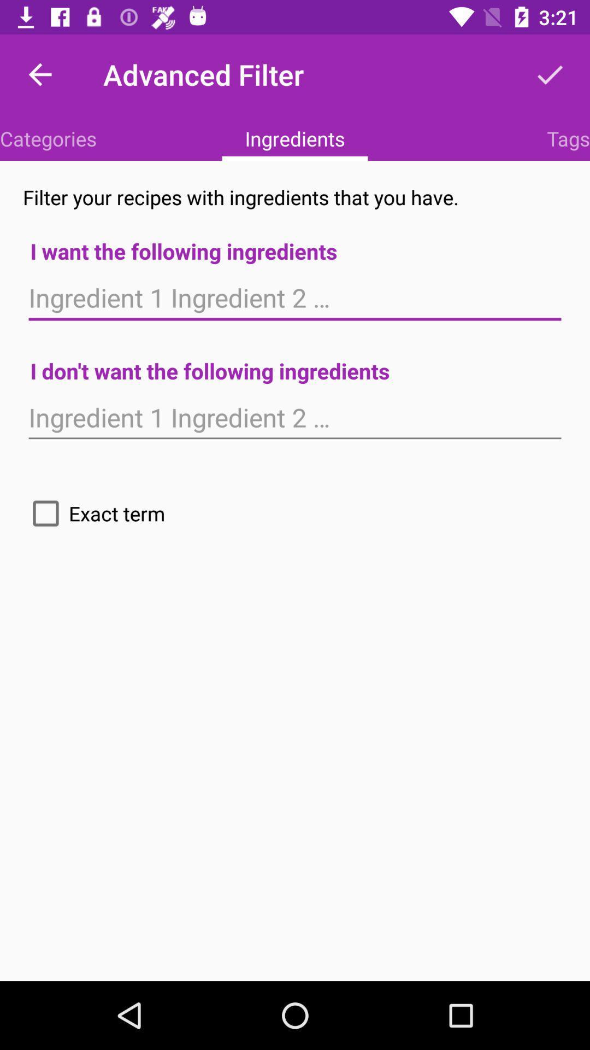 This screenshot has width=590, height=1050. What do you see at coordinates (568, 138) in the screenshot?
I see `the icon above the i want the` at bounding box center [568, 138].